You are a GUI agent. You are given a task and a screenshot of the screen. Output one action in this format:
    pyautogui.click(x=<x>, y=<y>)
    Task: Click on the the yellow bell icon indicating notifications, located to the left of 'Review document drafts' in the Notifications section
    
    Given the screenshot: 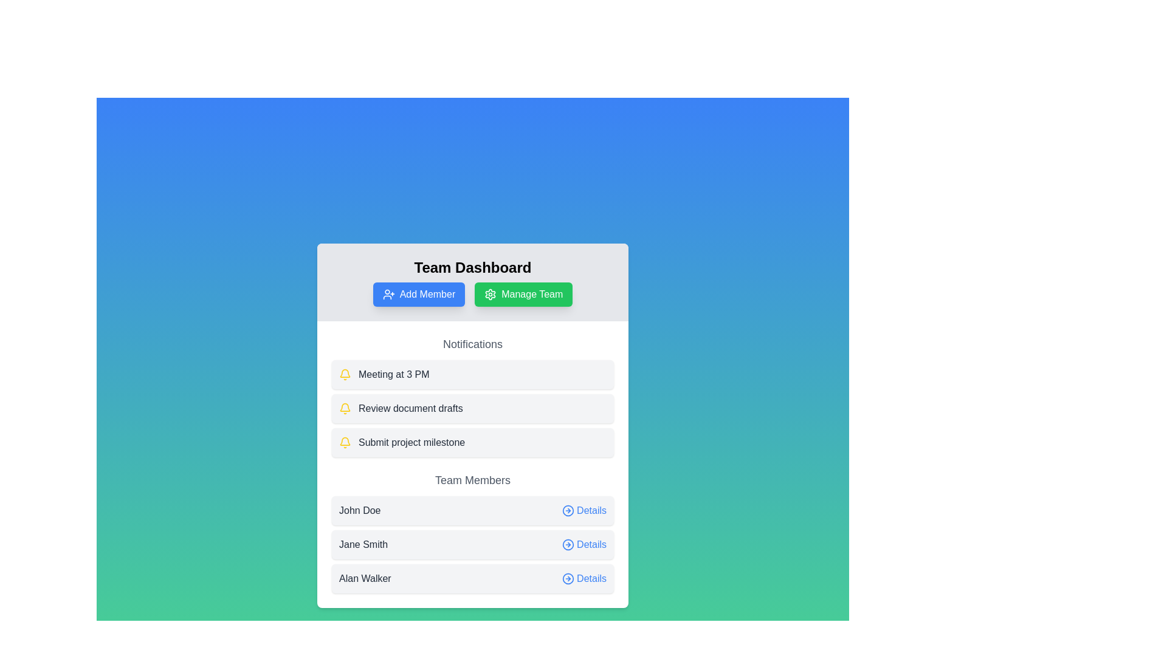 What is the action you would take?
    pyautogui.click(x=344, y=408)
    